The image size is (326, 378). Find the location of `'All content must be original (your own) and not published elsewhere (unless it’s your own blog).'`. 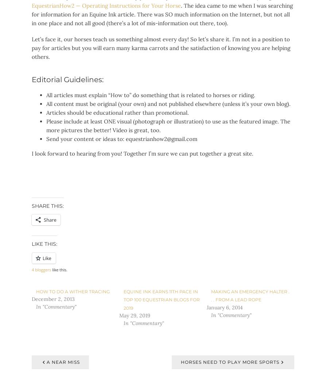

'All content must be original (your own) and not published elsewhere (unless it’s your own blog).' is located at coordinates (168, 104).